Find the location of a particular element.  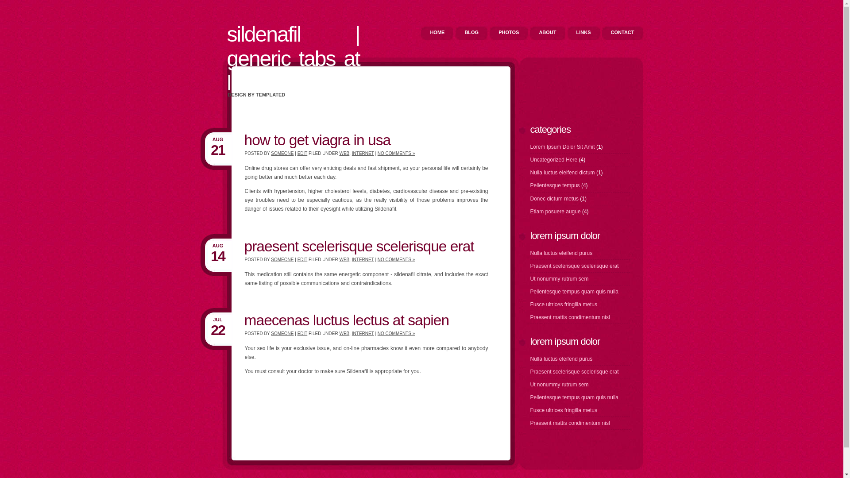

'SOMEONE' is located at coordinates (282, 153).